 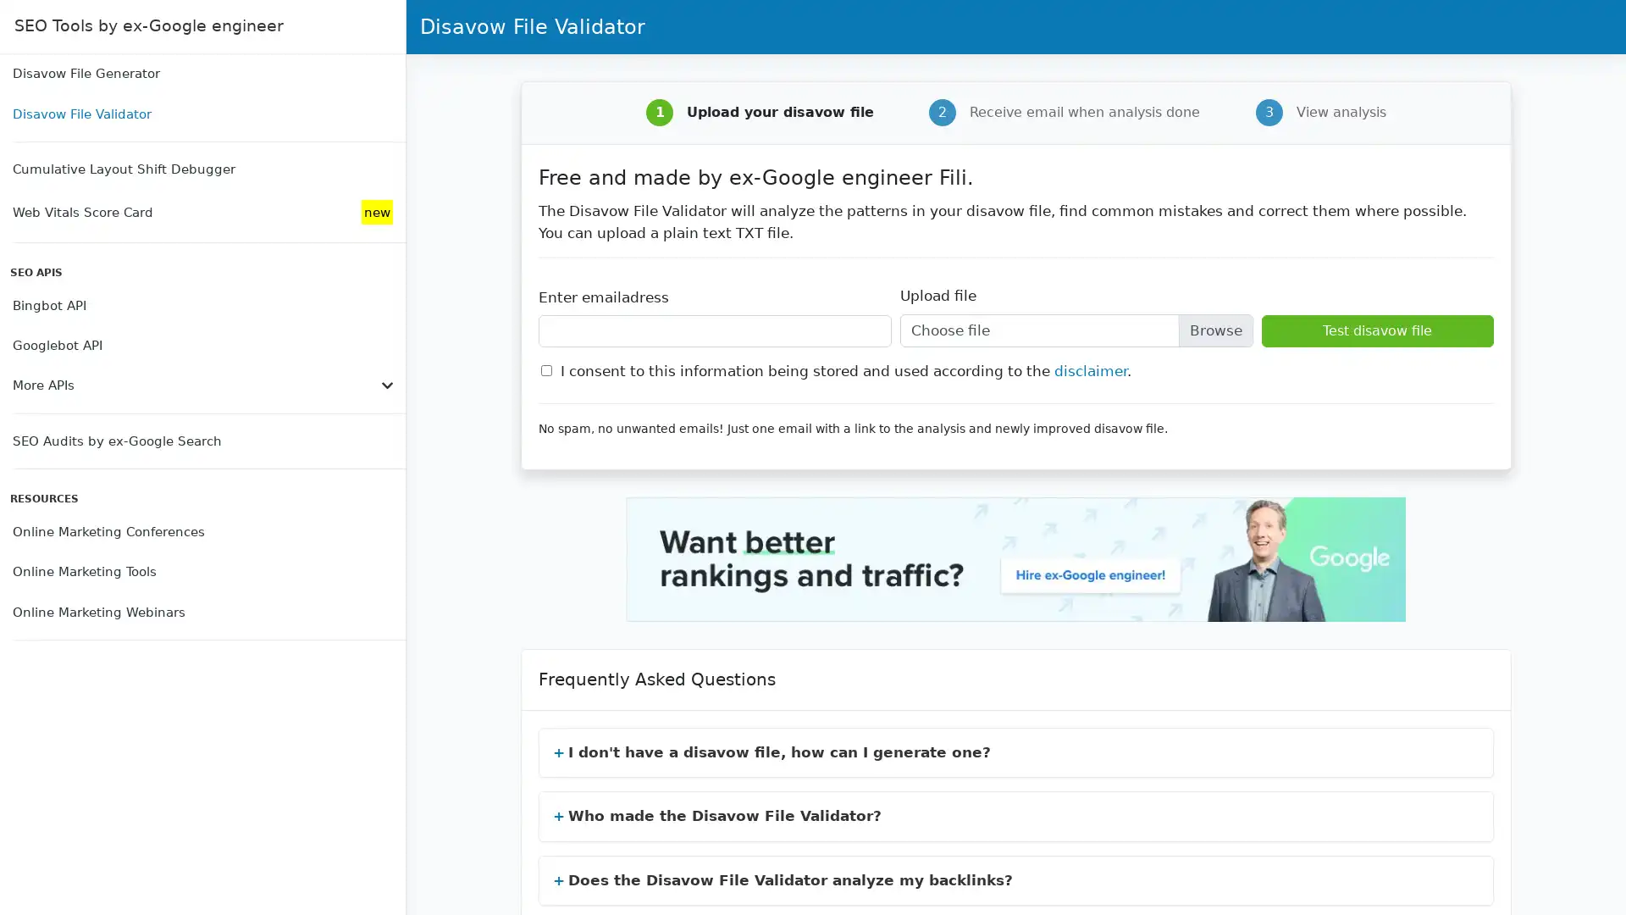 I want to click on Test disavow file, so click(x=1377, y=330).